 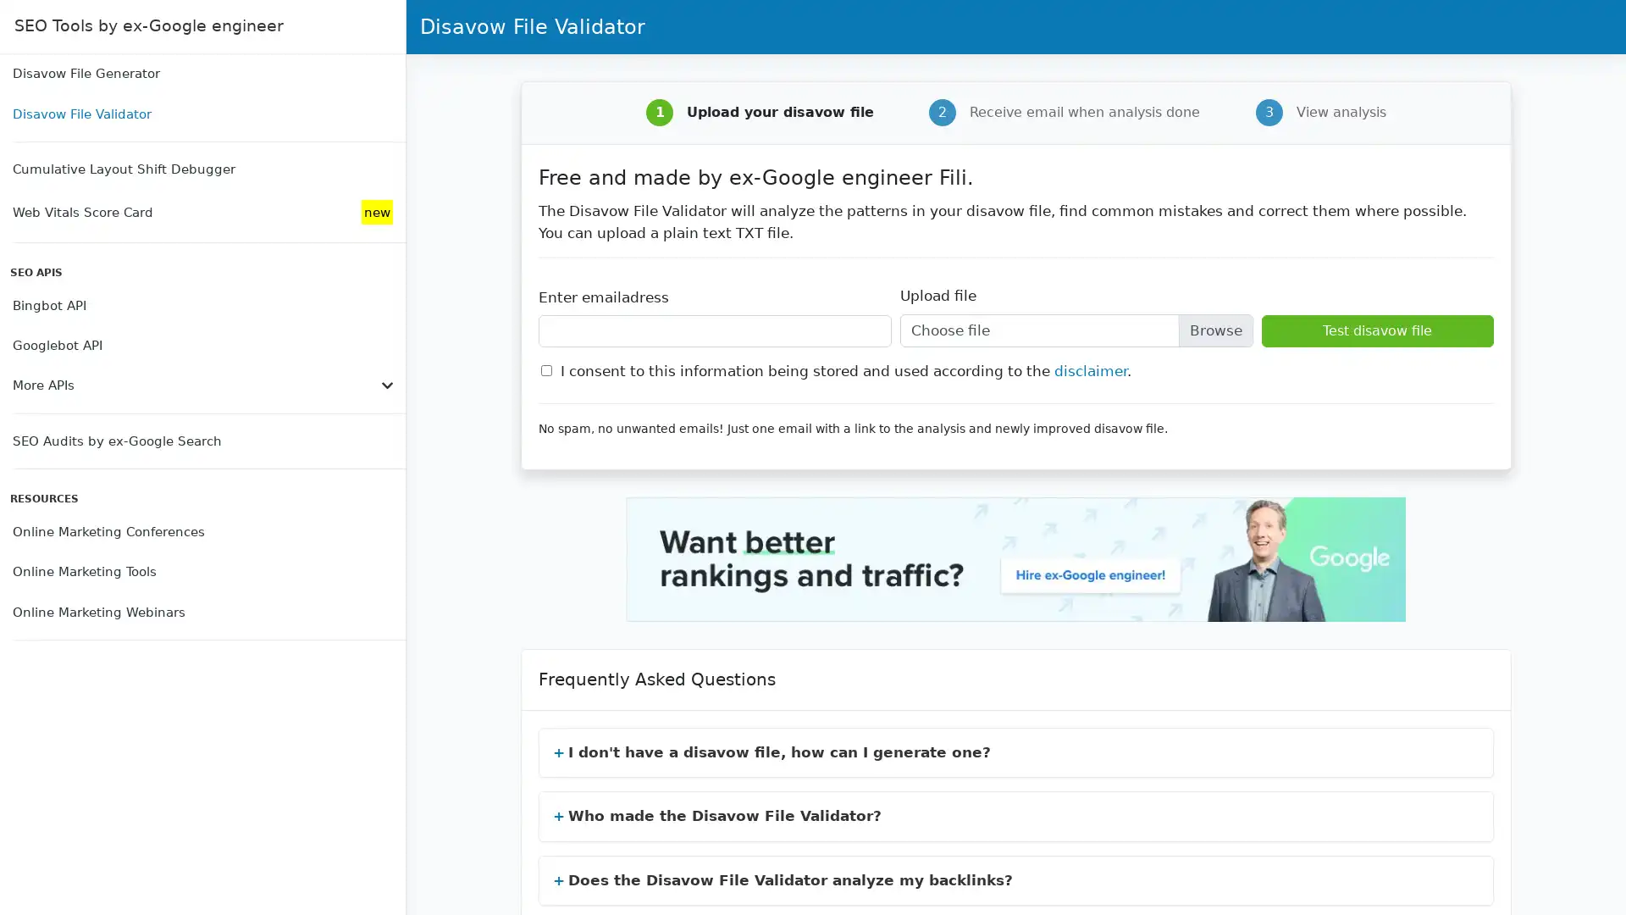 I want to click on Test disavow file, so click(x=1377, y=330).